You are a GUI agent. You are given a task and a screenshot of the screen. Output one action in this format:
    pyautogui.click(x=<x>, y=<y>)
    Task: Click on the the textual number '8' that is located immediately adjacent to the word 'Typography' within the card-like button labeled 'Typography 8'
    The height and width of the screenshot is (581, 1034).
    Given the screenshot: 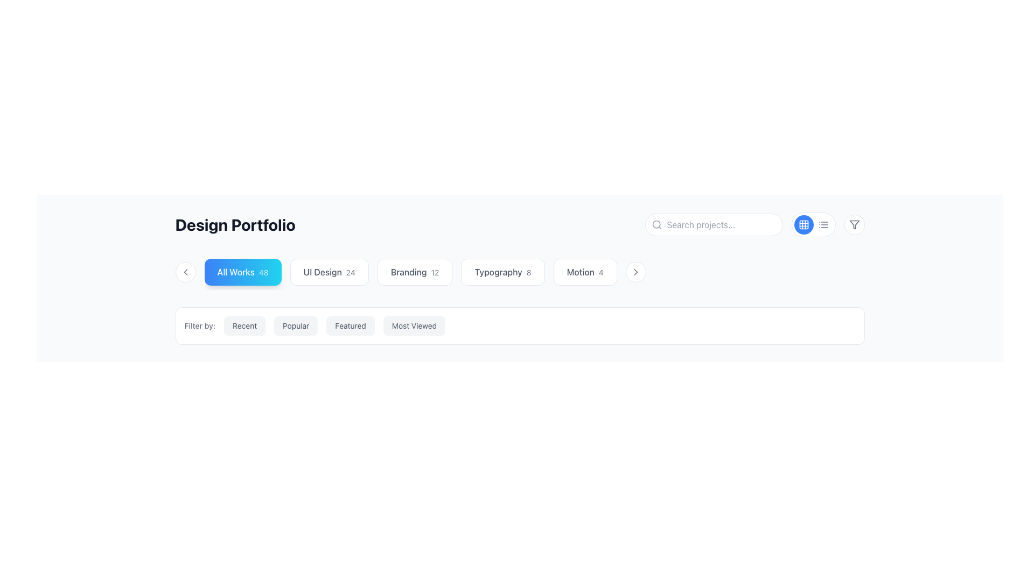 What is the action you would take?
    pyautogui.click(x=529, y=272)
    